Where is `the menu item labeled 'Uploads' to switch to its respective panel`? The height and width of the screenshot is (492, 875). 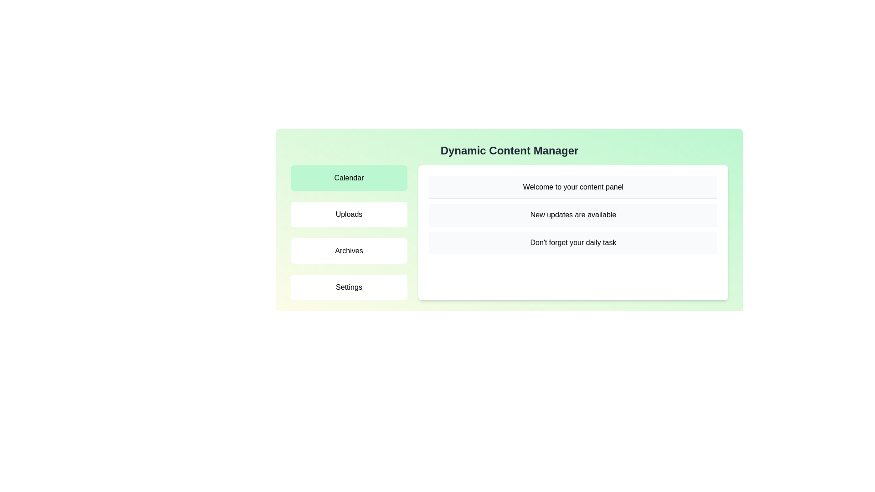
the menu item labeled 'Uploads' to switch to its respective panel is located at coordinates (349, 214).